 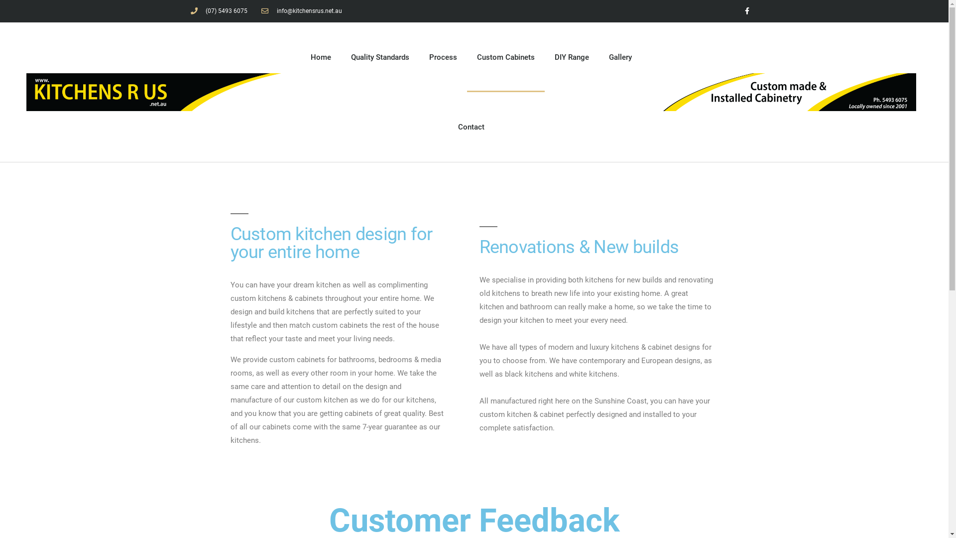 I want to click on 'DIY Range', so click(x=572, y=57).